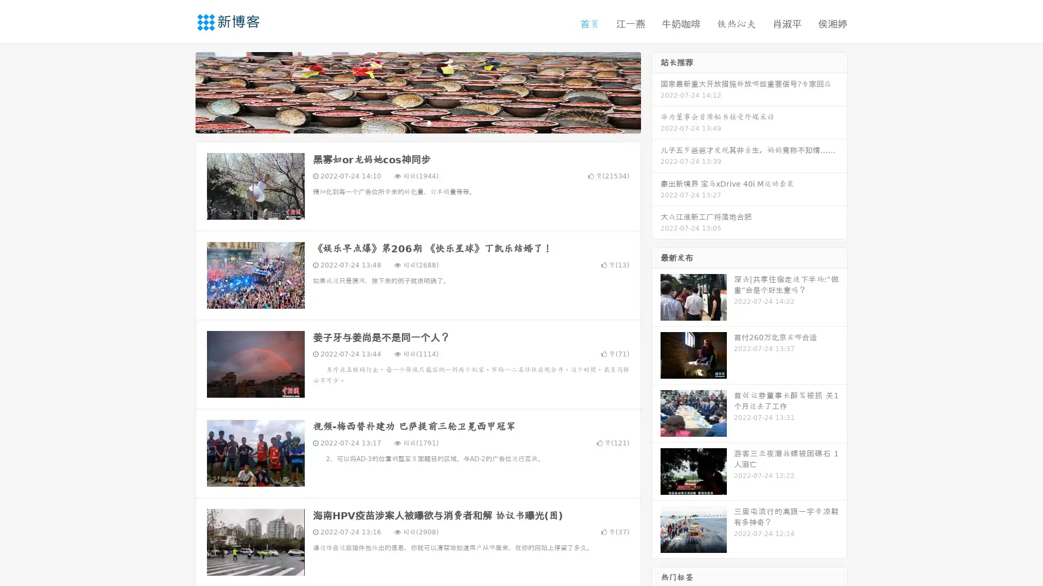 Image resolution: width=1043 pixels, height=586 pixels. I want to click on Next slide, so click(656, 91).